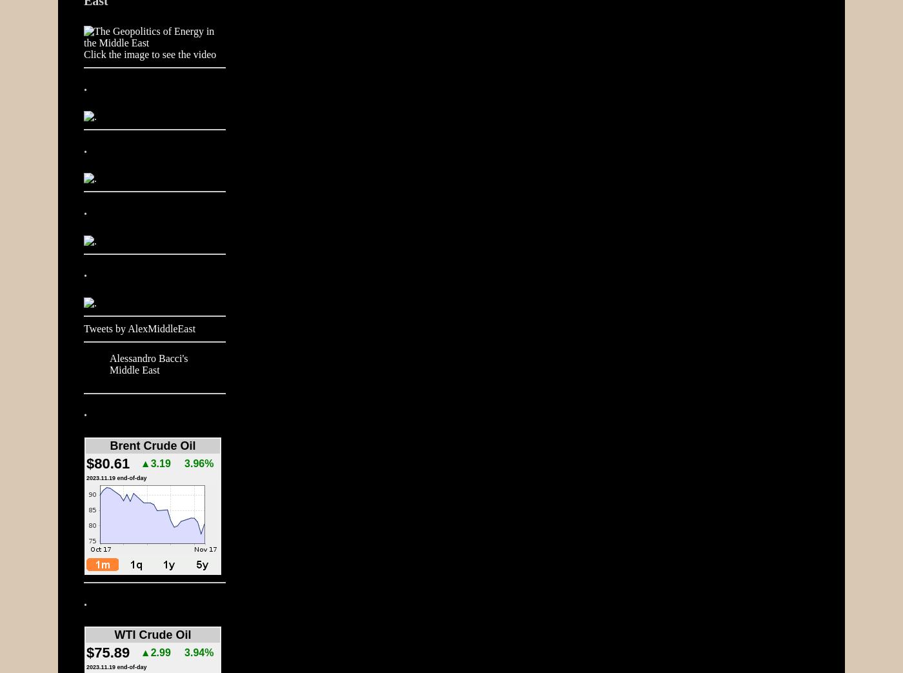 The height and width of the screenshot is (673, 903). I want to click on 'Click the image to see the video', so click(149, 54).